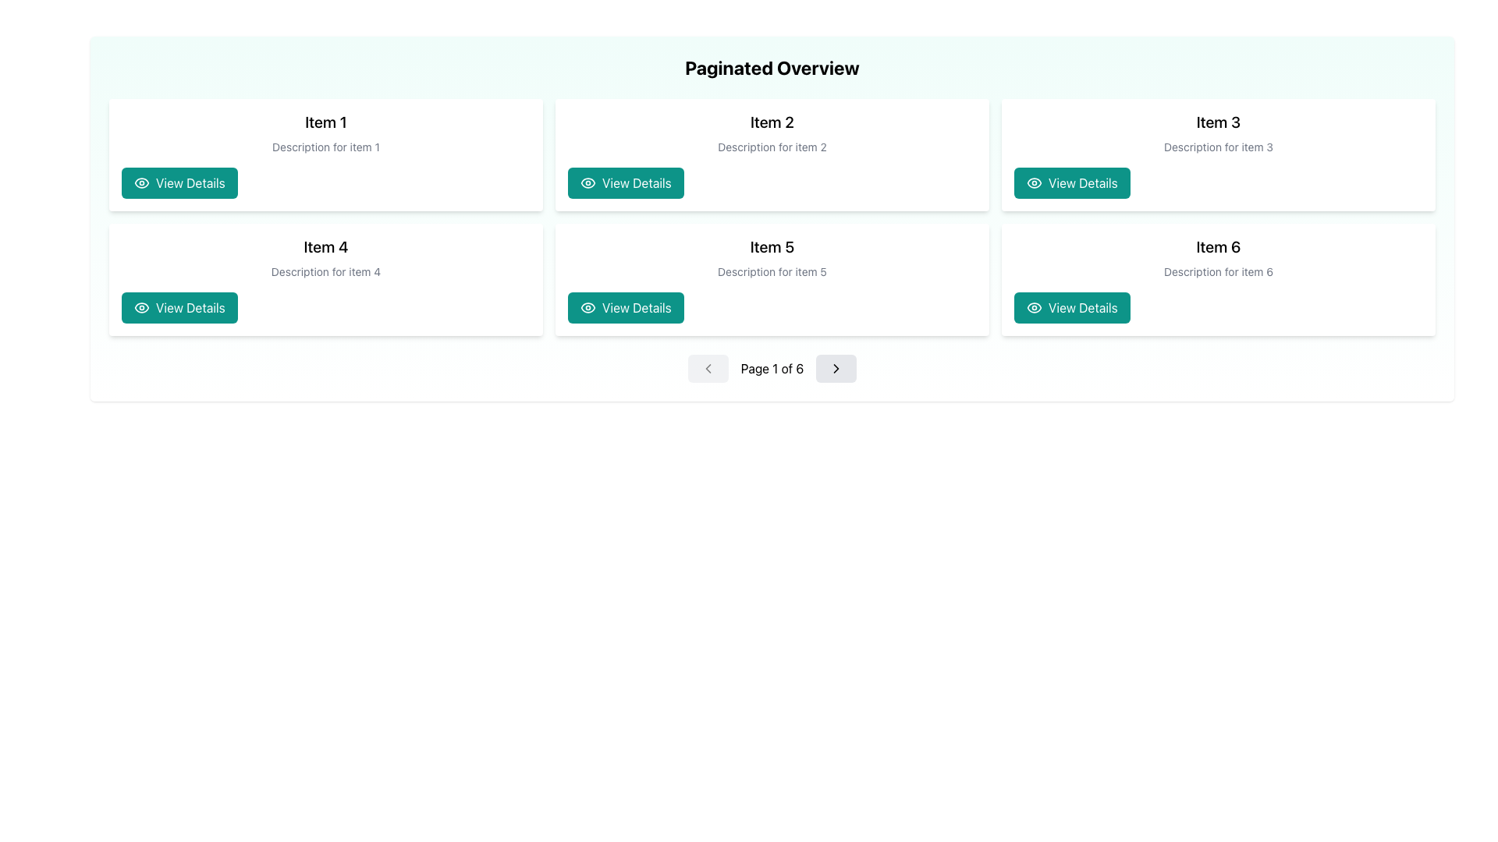  What do you see at coordinates (772, 155) in the screenshot?
I see `the second card in the grid layout displaying 'Item 2', which contains a description and a green 'View Details' button` at bounding box center [772, 155].